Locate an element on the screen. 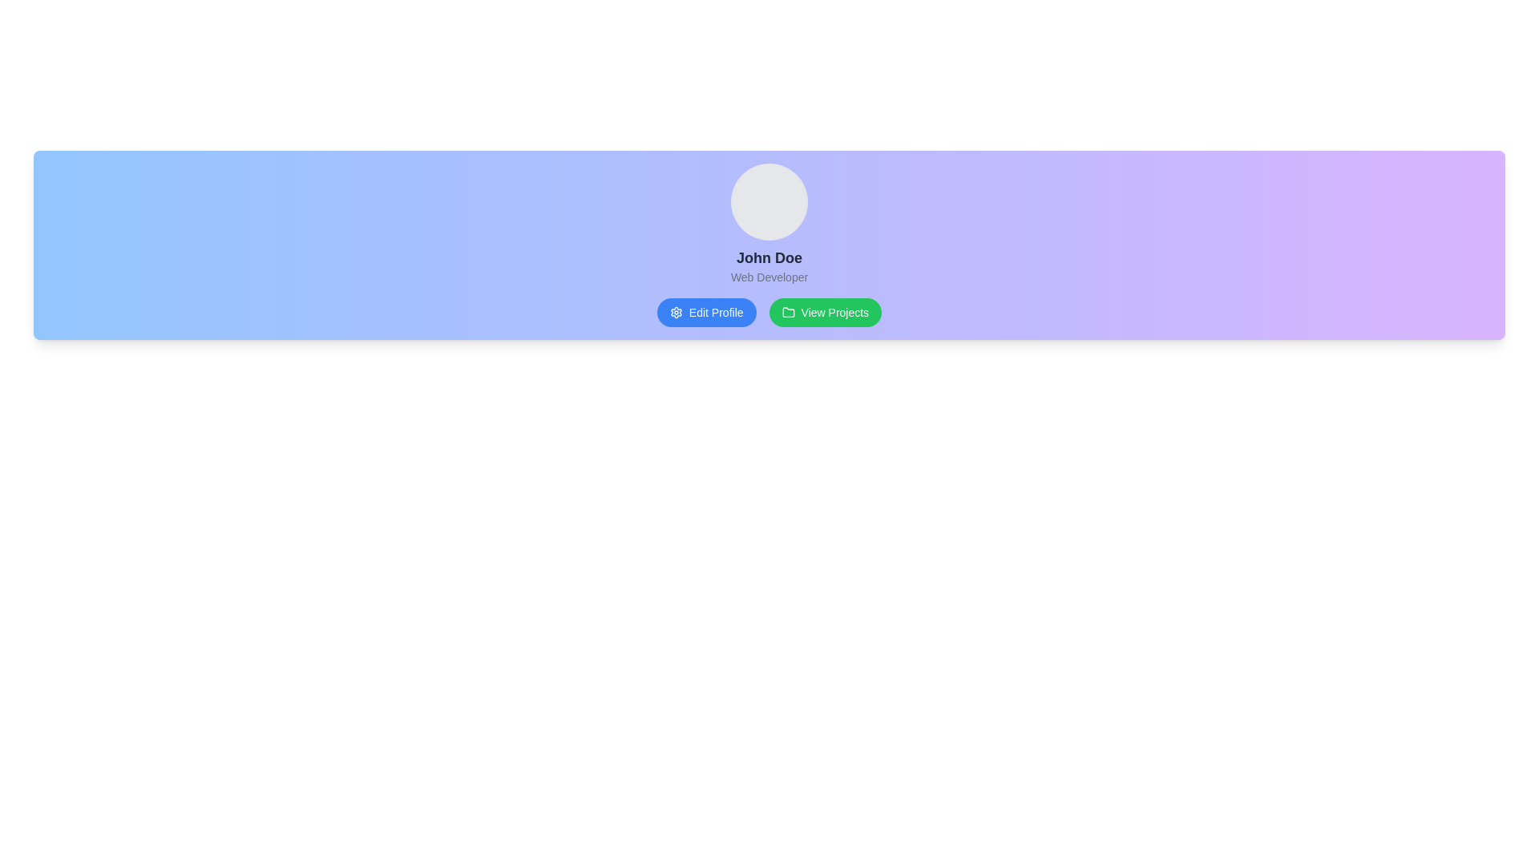 The image size is (1539, 866). the gear icon that signifies settings or customization related to the 'Edit Profile' button, located to the left of the button within the blue button at the bottom-center of the interface is located at coordinates (676, 312).